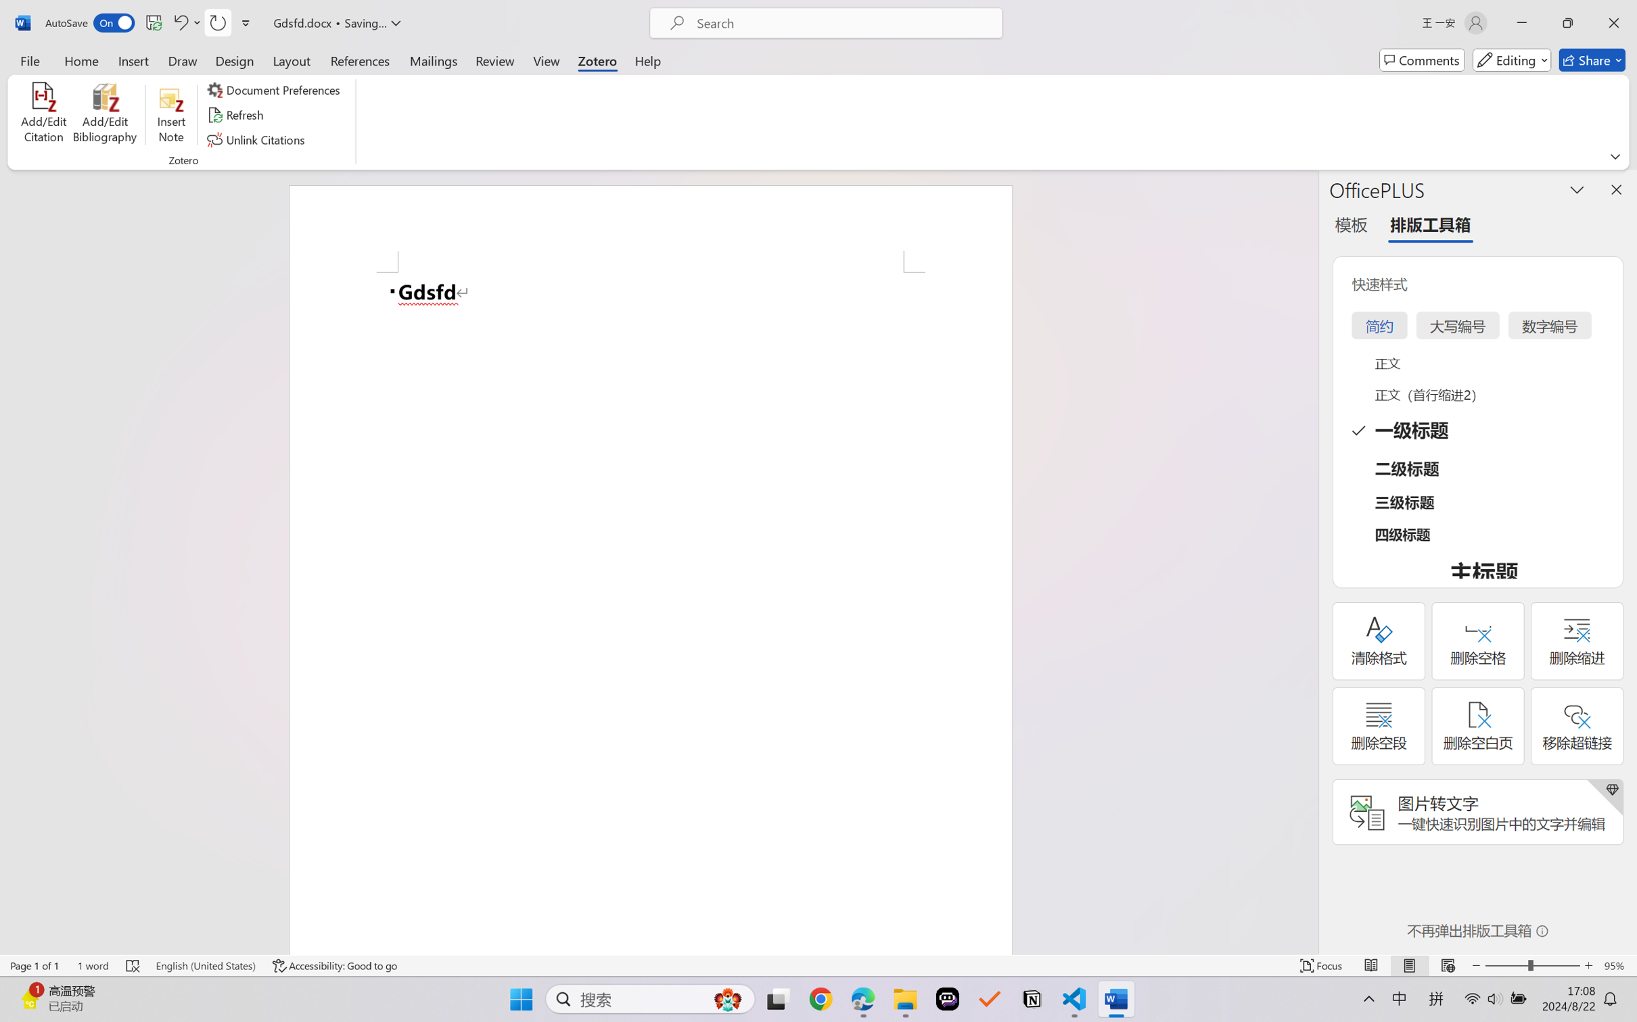  What do you see at coordinates (1617, 965) in the screenshot?
I see `'Zoom 95%'` at bounding box center [1617, 965].